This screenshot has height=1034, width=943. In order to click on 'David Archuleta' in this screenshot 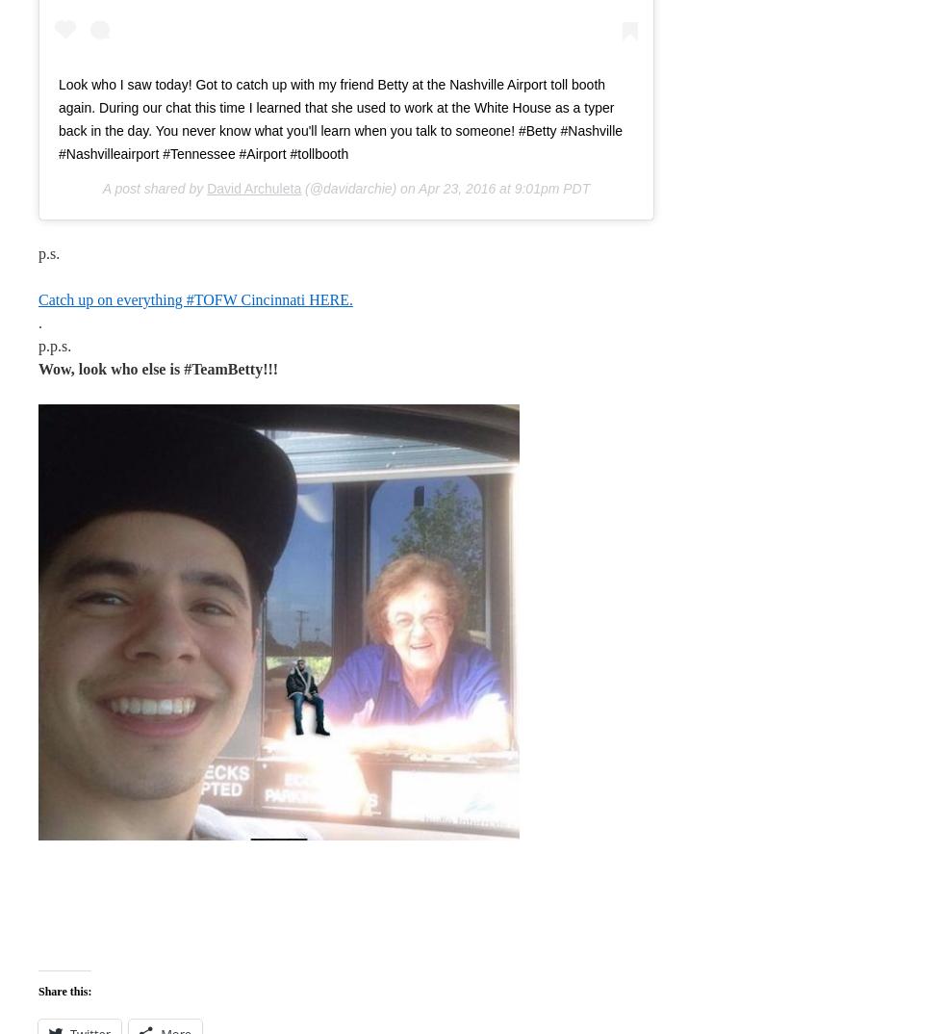, I will do `click(207, 188)`.